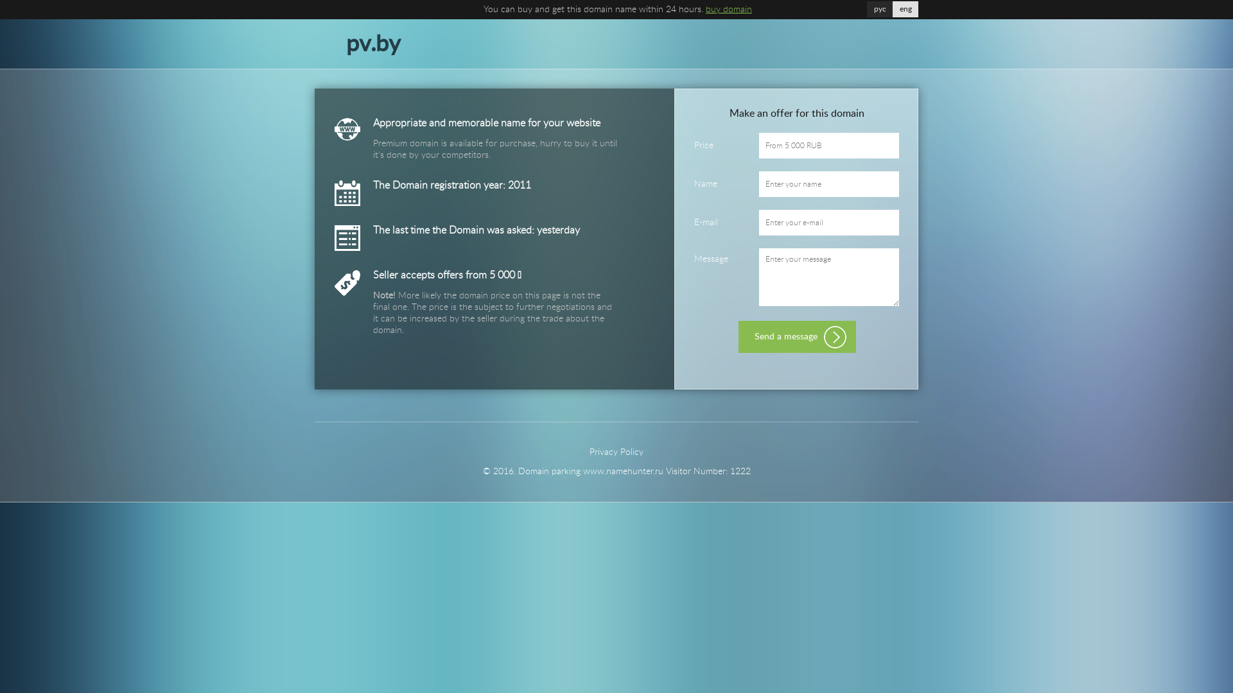  I want to click on 'buy domain', so click(728, 10).